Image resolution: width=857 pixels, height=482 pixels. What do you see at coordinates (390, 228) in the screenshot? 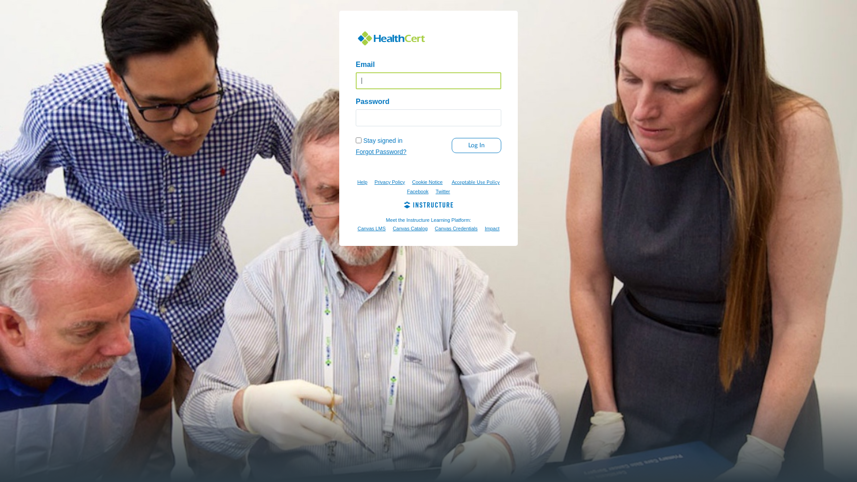
I see `'Canvas Catalog'` at bounding box center [390, 228].